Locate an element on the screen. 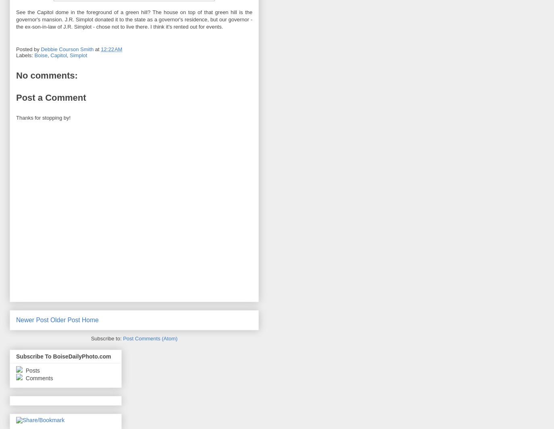  'Subscribe to:' is located at coordinates (106, 338).